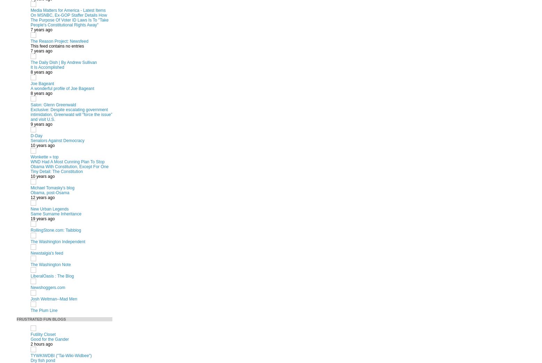  What do you see at coordinates (64, 62) in the screenshot?
I see `'The Daily Dish | By Andrew Sullivan'` at bounding box center [64, 62].